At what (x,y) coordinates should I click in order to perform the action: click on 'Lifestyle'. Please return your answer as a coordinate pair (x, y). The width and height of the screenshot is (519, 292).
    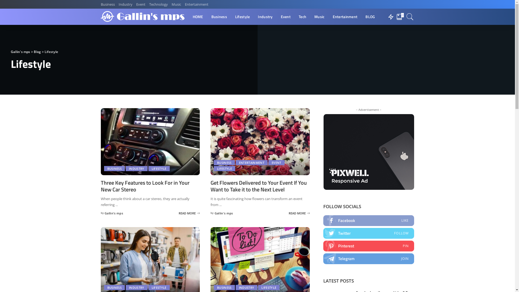
    Looking at the image, I should click on (242, 16).